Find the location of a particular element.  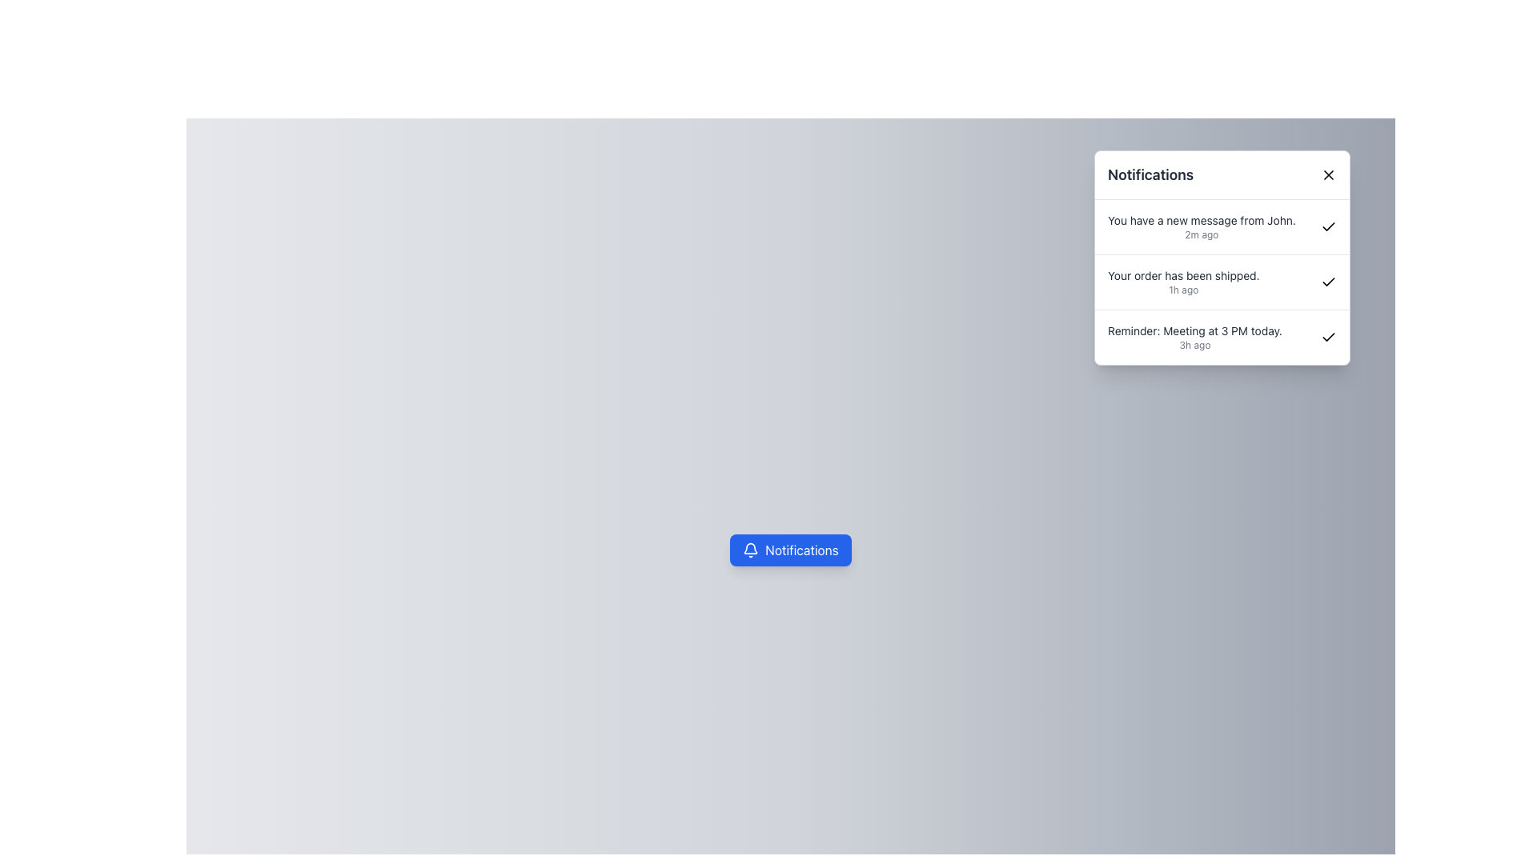

the text label displaying '2m ago', which is located beneath the message from John in the notification card at the top-right corner of the interface is located at coordinates (1202, 234).